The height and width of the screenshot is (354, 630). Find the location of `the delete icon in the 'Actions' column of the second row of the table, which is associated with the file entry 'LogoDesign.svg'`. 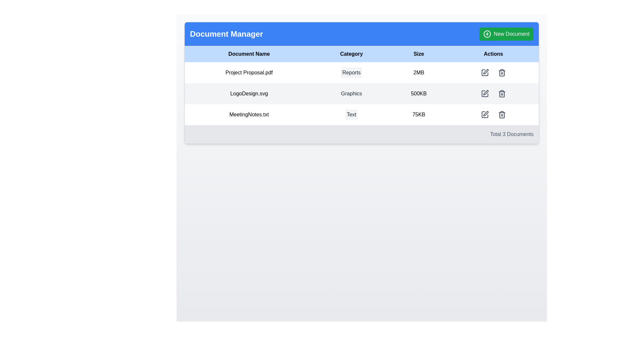

the delete icon in the 'Actions' column of the second row of the table, which is associated with the file entry 'LogoDesign.svg' is located at coordinates (501, 93).